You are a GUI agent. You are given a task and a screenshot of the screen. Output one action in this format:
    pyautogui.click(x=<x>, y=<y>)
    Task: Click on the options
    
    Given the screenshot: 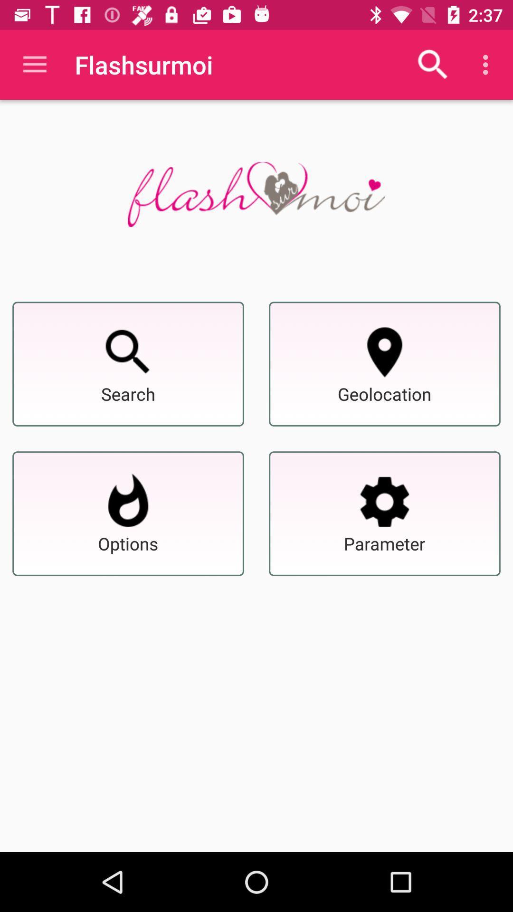 What is the action you would take?
    pyautogui.click(x=128, y=501)
    